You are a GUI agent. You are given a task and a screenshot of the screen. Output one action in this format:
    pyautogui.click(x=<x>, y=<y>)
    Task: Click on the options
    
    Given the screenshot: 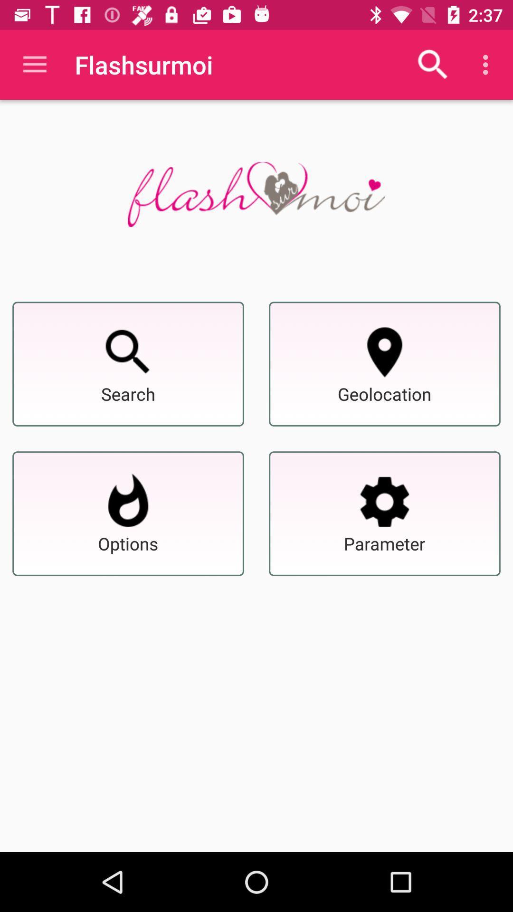 What is the action you would take?
    pyautogui.click(x=128, y=501)
    